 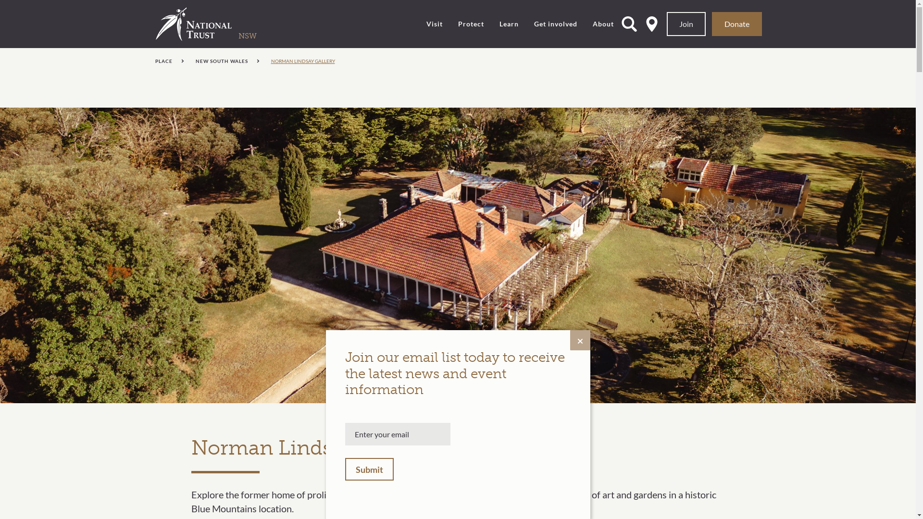 I want to click on 'Visit', so click(x=426, y=24).